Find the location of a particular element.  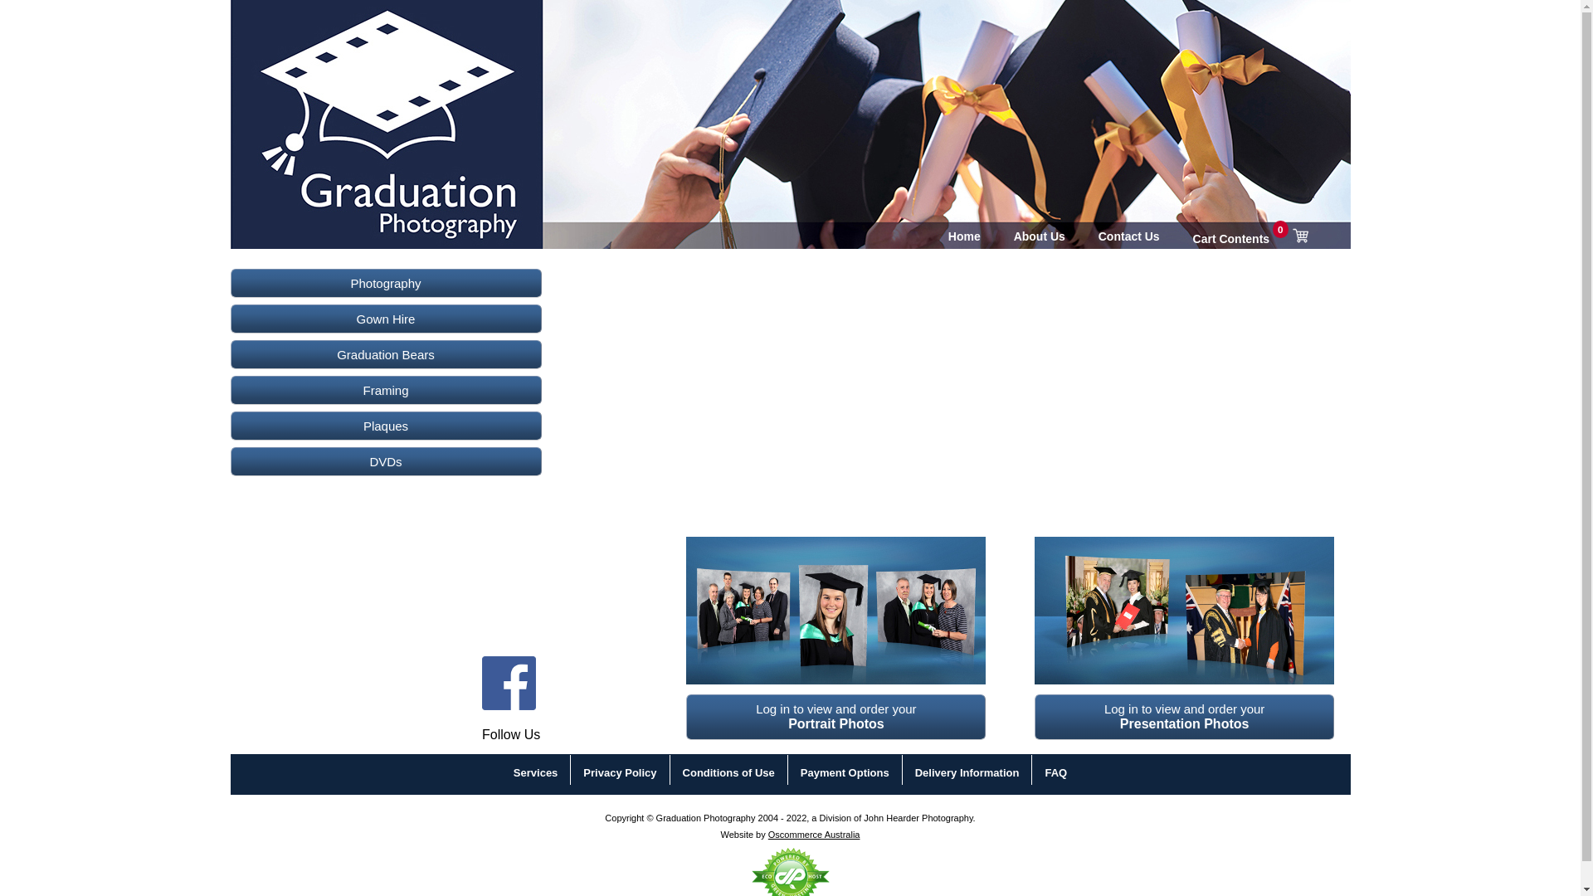

'Privacy Policy' is located at coordinates (582, 772).